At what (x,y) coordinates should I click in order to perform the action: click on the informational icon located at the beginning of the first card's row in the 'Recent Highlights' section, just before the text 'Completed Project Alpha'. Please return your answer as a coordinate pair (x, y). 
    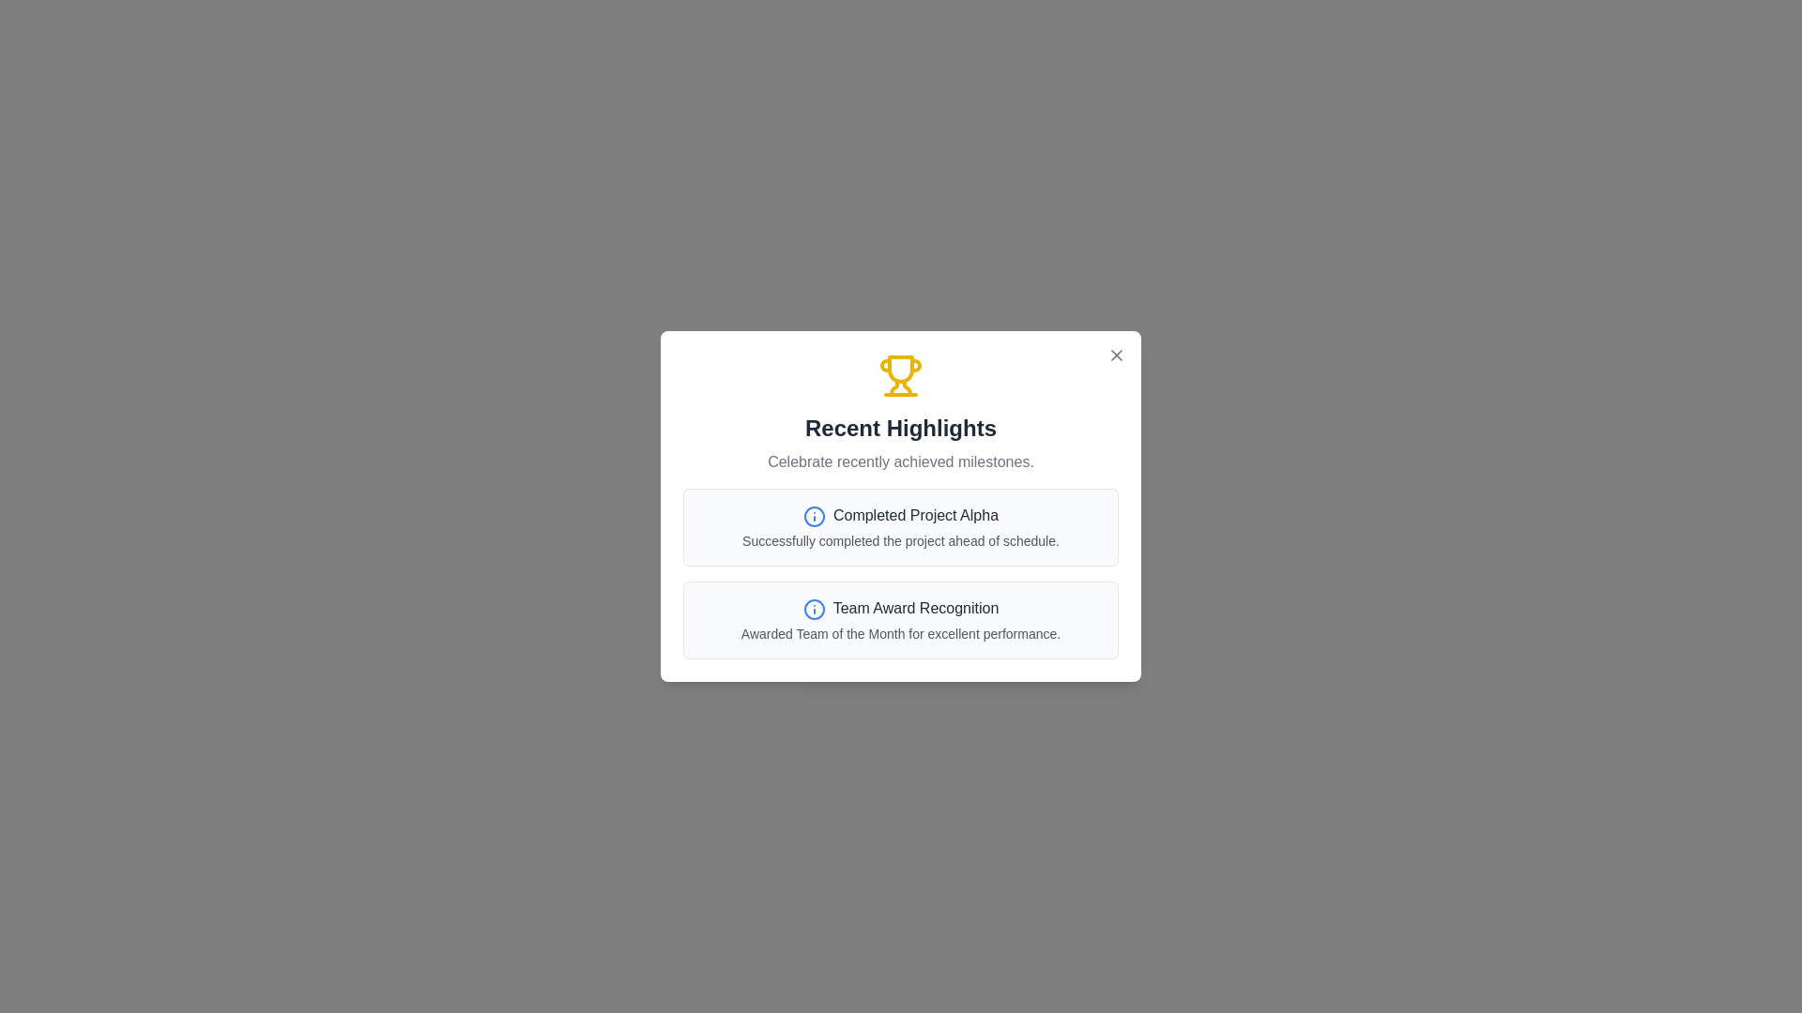
    Looking at the image, I should click on (815, 517).